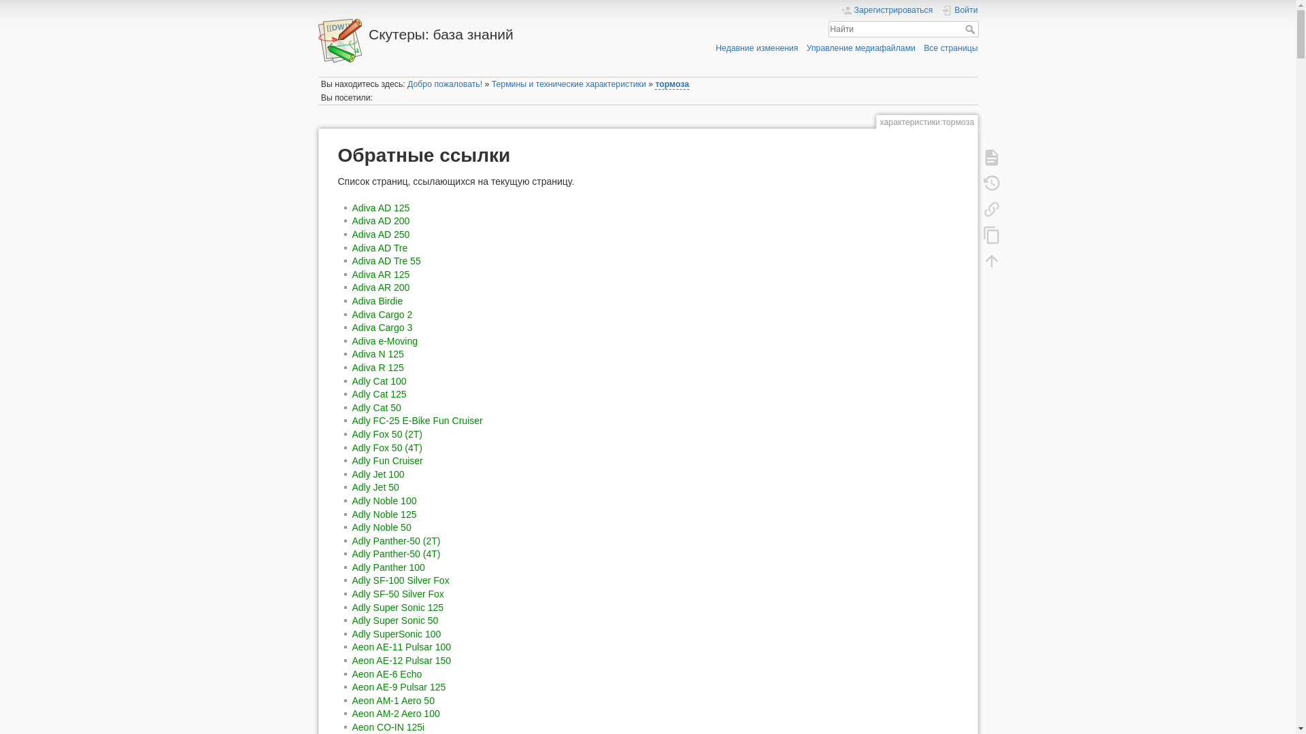 The width and height of the screenshot is (1306, 734). Describe the element at coordinates (386, 261) in the screenshot. I see `'Adiva AD Tre 55'` at that location.